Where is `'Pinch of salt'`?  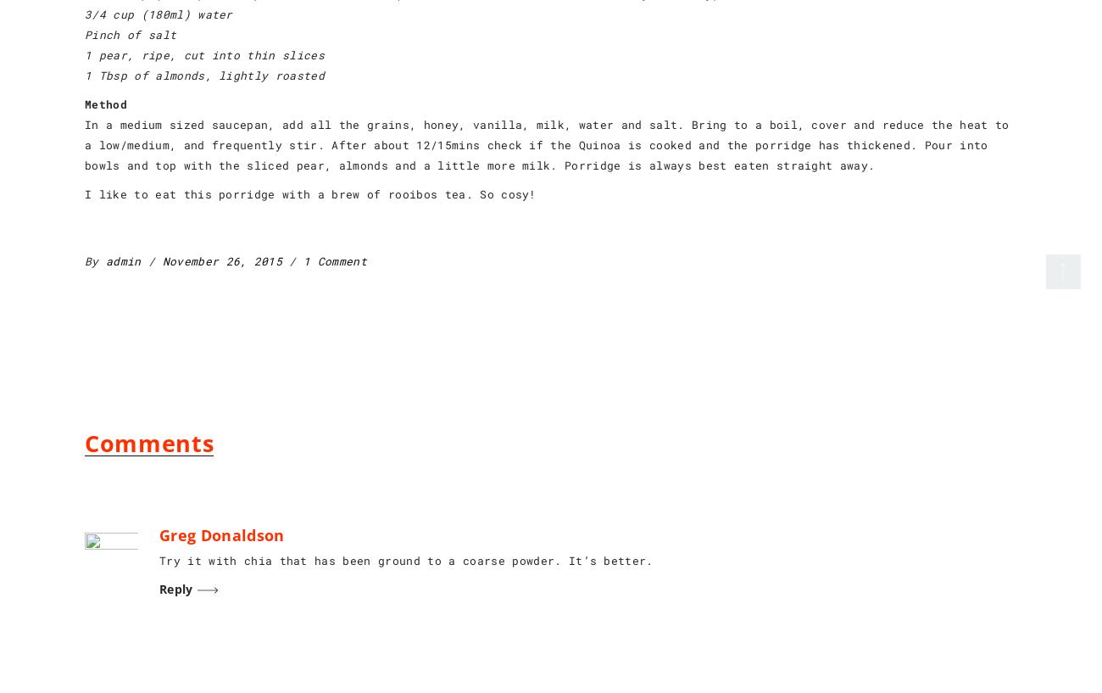
'Pinch of salt' is located at coordinates (84, 34).